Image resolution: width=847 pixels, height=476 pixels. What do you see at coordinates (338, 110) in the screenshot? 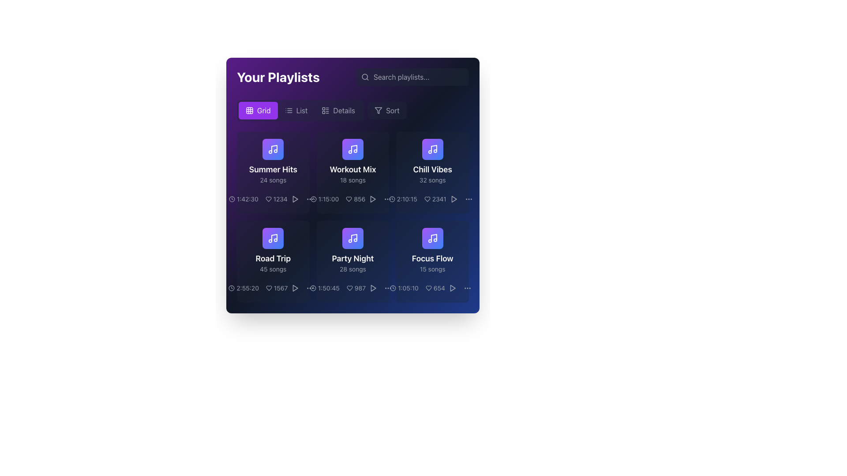
I see `the 'Details' button for keyboard navigation` at bounding box center [338, 110].